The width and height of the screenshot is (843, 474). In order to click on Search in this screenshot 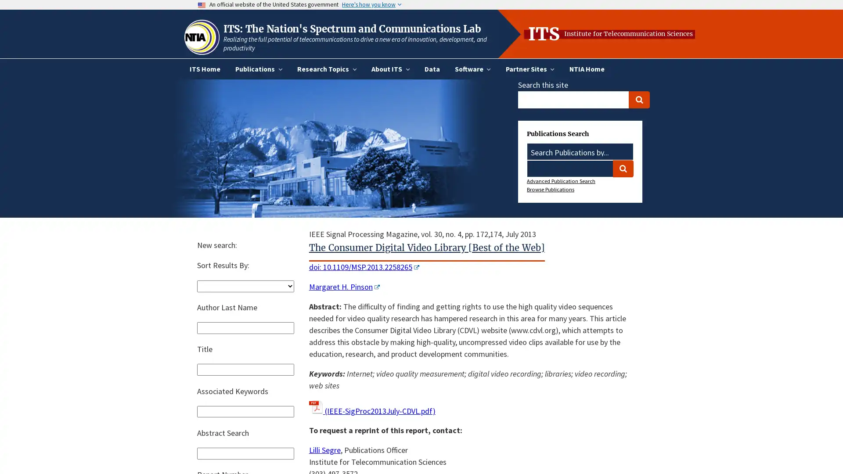, I will do `click(639, 99)`.